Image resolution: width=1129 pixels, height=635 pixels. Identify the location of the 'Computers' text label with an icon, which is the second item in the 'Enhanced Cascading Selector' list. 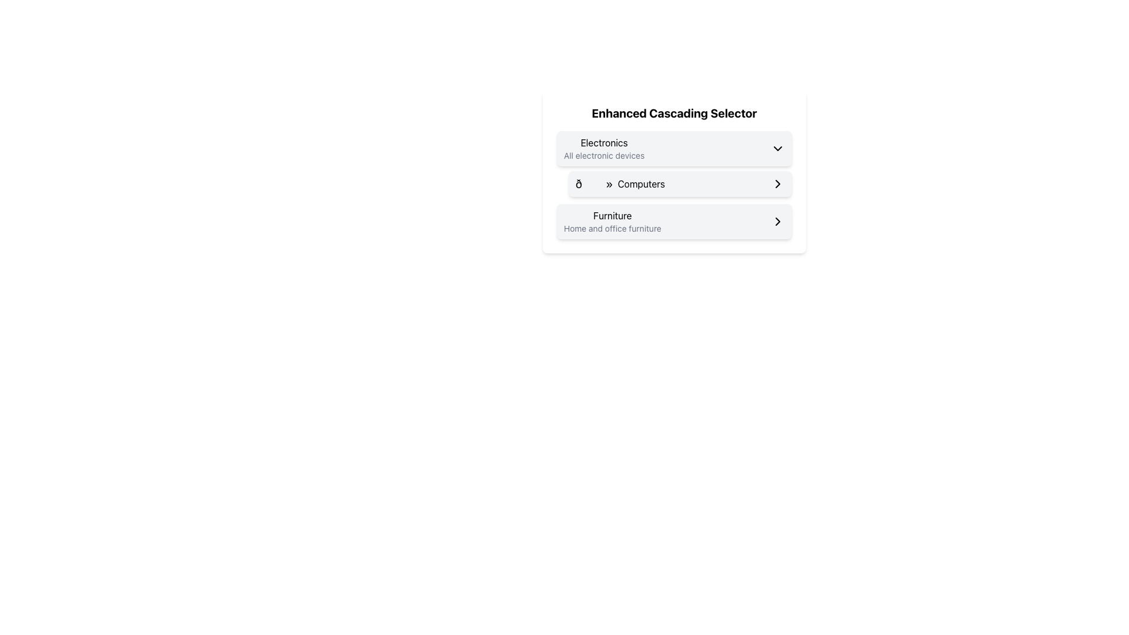
(619, 183).